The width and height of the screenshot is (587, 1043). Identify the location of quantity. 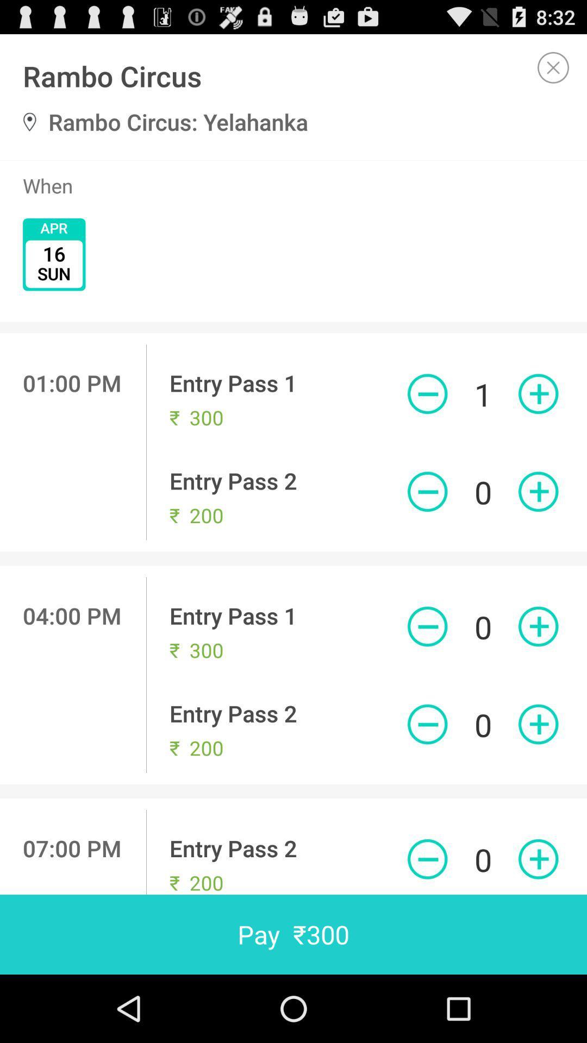
(538, 858).